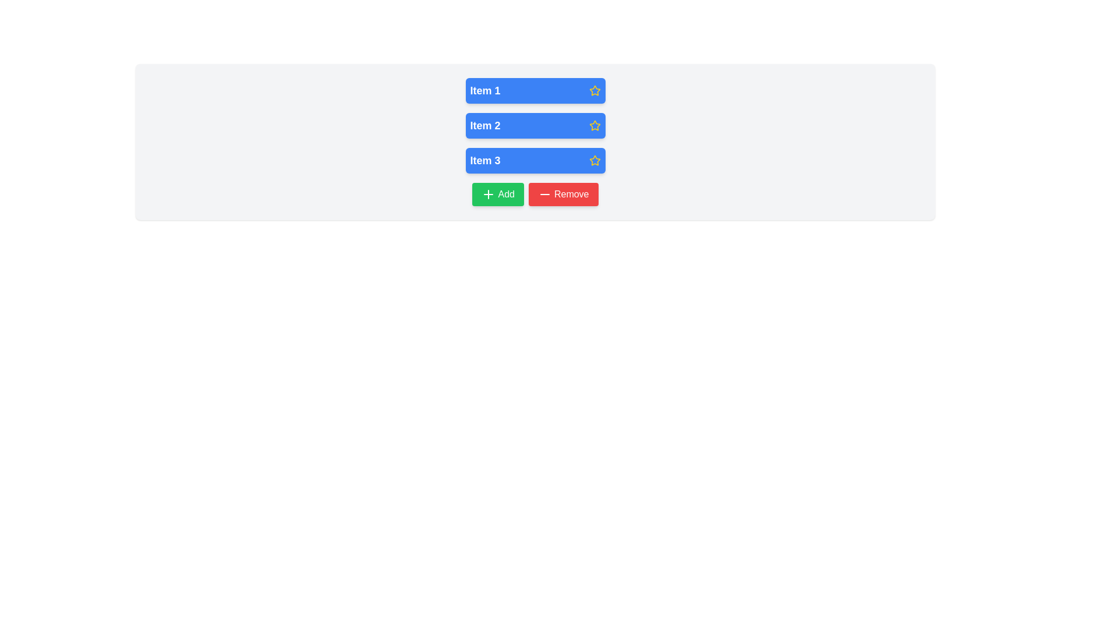 This screenshot has width=1118, height=629. What do you see at coordinates (485, 161) in the screenshot?
I see `text content of the label positioned to the left of the yellow star icon on the third blue button in a vertical stack` at bounding box center [485, 161].